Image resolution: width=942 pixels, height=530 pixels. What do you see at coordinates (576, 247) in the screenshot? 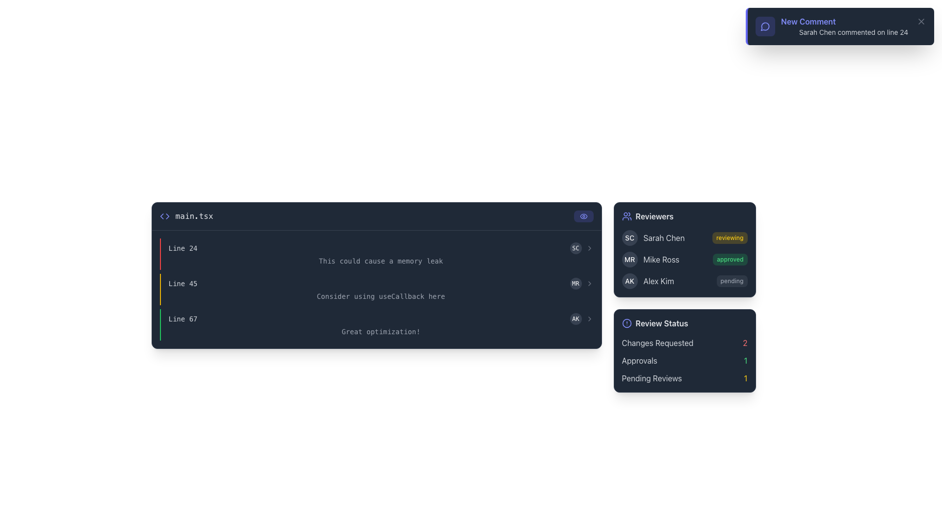
I see `the Text-based avatar indicator for user 'Sarah Chen', located at the top-right corner of the comment entry section, to the left of the chevron icon` at bounding box center [576, 247].